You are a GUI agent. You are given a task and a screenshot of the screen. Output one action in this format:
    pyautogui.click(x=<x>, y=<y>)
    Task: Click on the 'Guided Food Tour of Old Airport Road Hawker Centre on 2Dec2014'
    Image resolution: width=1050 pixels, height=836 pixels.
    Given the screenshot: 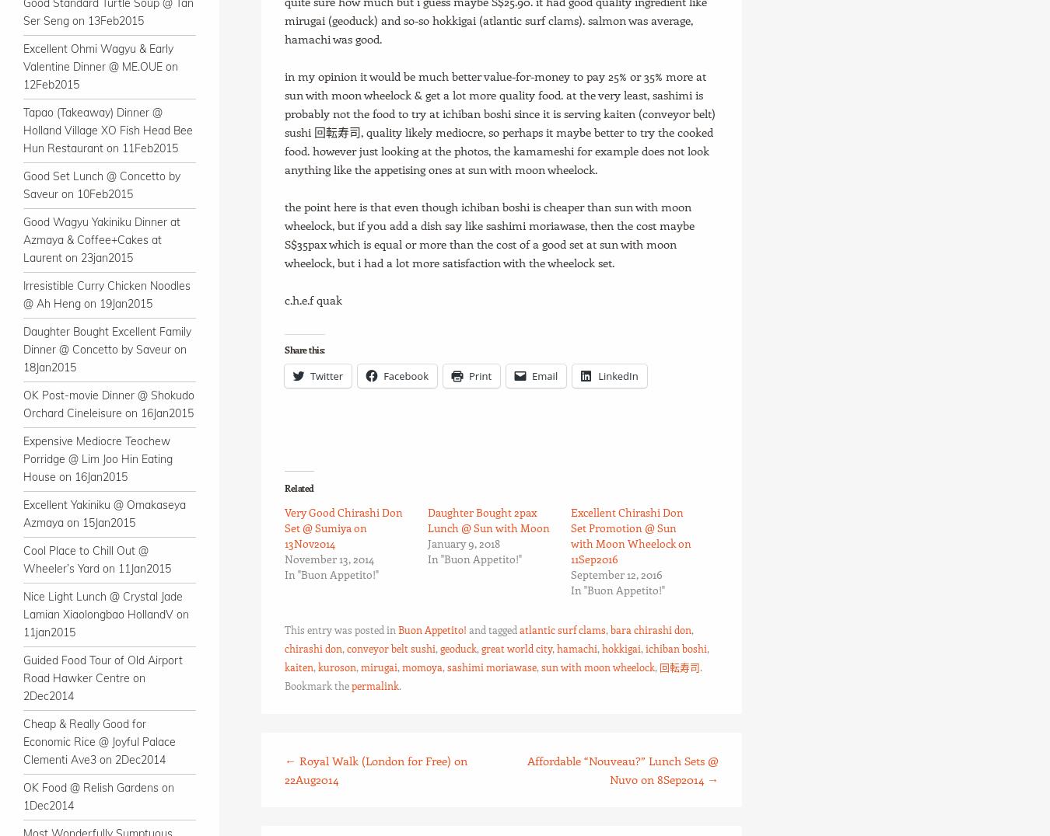 What is the action you would take?
    pyautogui.click(x=103, y=678)
    